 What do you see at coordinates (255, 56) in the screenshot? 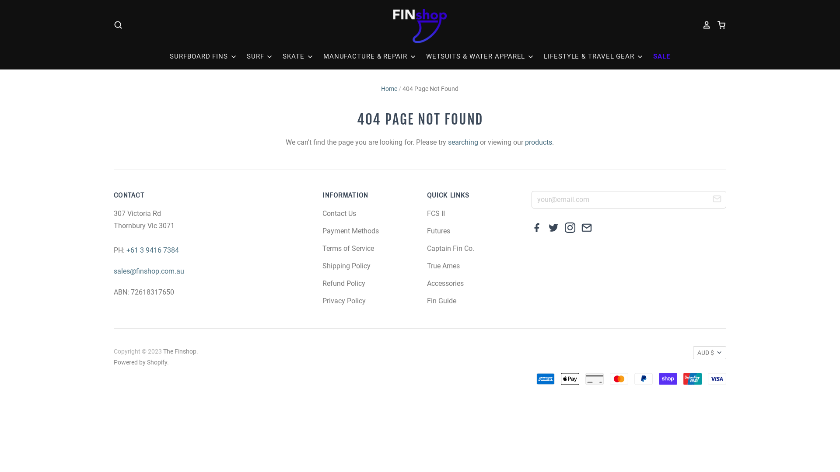
I see `'SURF'` at bounding box center [255, 56].